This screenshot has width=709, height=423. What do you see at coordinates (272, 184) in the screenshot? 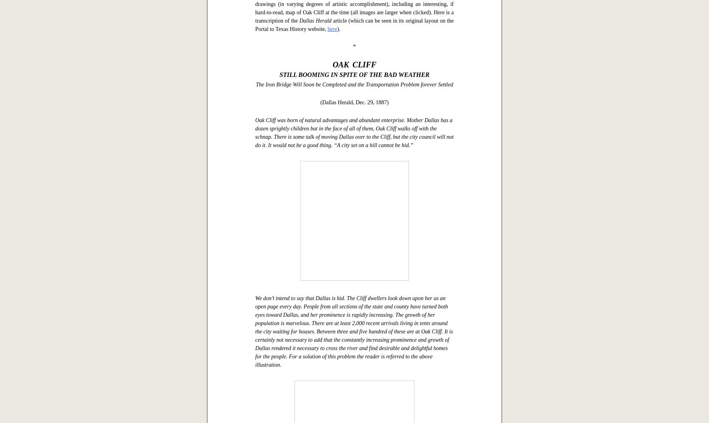
I see `'by Paula Bosse'` at bounding box center [272, 184].